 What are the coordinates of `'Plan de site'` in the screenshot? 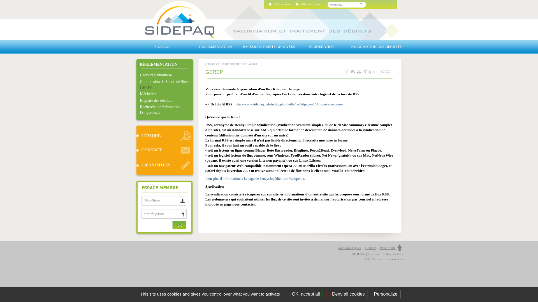 It's located at (387, 248).